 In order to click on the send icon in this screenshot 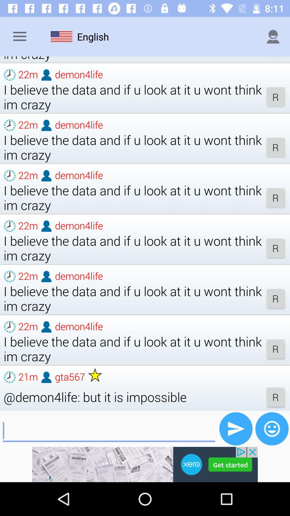, I will do `click(235, 428)`.